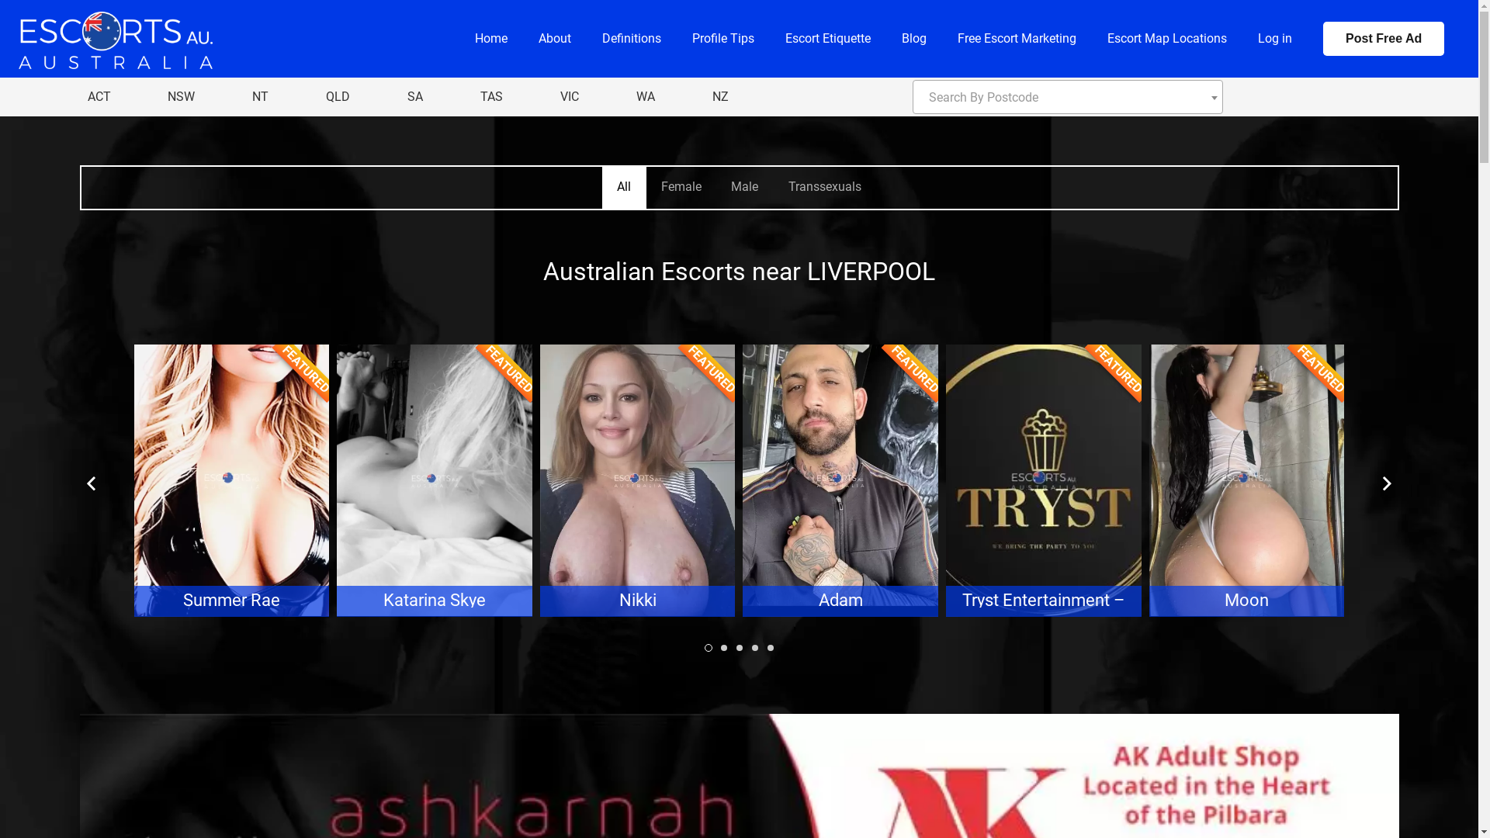 The width and height of the screenshot is (1490, 838). Describe the element at coordinates (632, 38) in the screenshot. I see `'Definitions'` at that location.